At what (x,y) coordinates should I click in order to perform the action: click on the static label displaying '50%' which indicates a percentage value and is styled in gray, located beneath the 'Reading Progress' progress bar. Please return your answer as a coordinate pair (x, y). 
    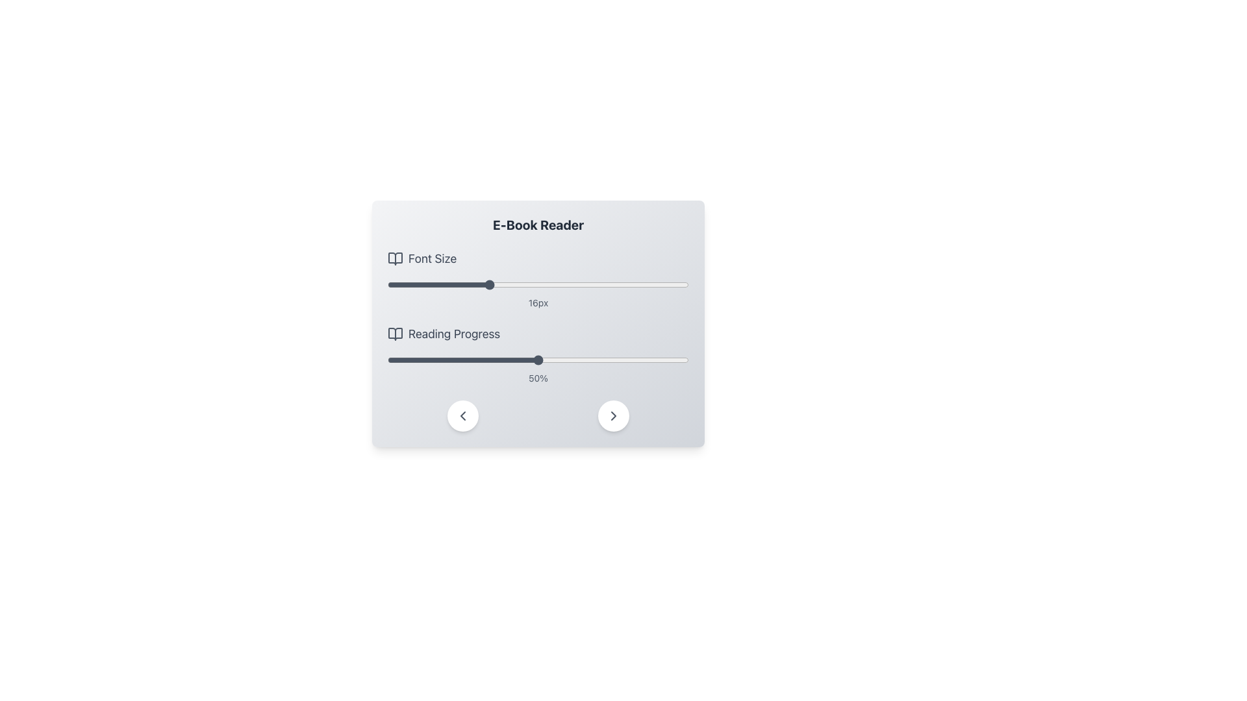
    Looking at the image, I should click on (538, 378).